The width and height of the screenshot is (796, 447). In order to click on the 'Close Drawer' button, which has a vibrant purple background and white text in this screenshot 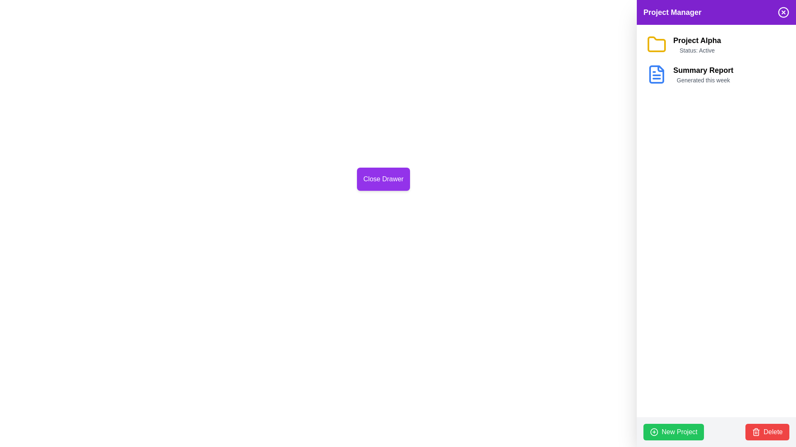, I will do `click(383, 178)`.